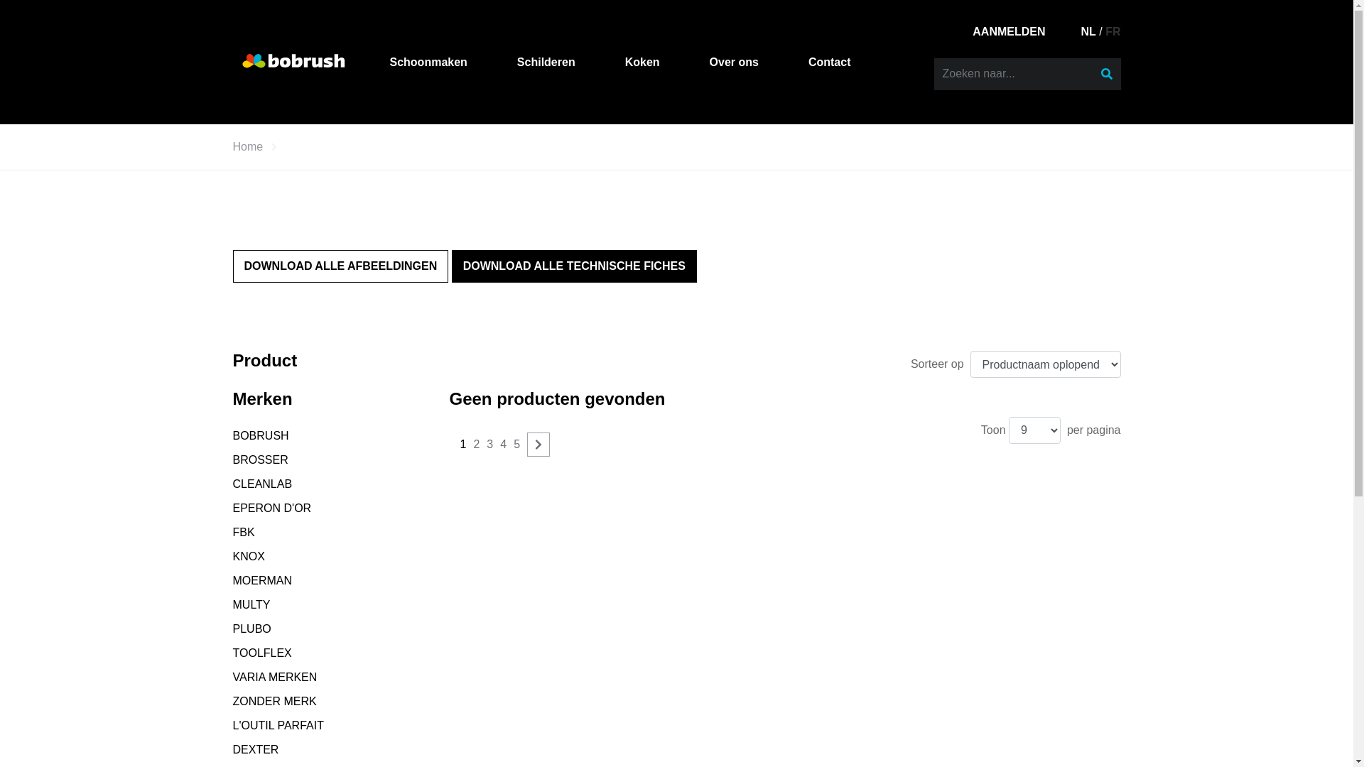 This screenshot has width=1364, height=767. What do you see at coordinates (476, 443) in the screenshot?
I see `'2'` at bounding box center [476, 443].